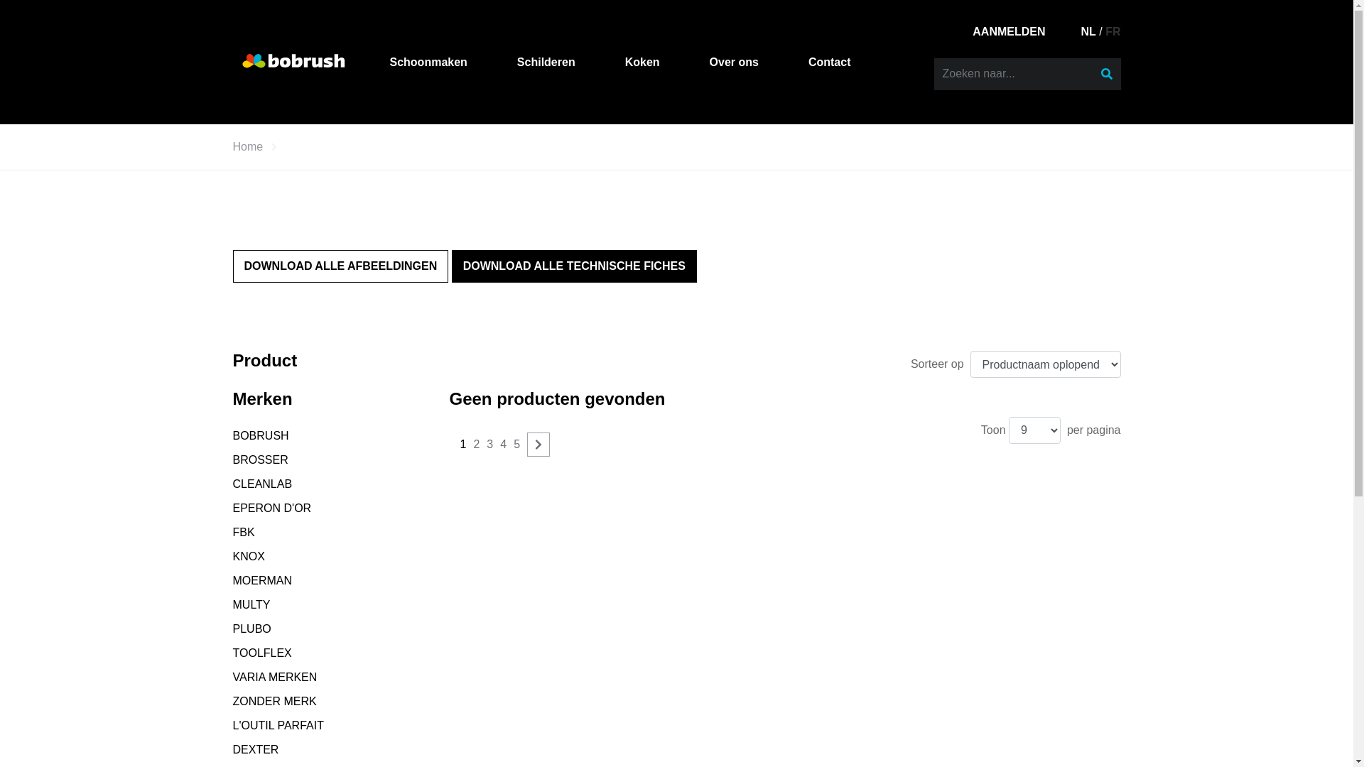 This screenshot has width=1364, height=767. What do you see at coordinates (476, 443) in the screenshot?
I see `'2'` at bounding box center [476, 443].